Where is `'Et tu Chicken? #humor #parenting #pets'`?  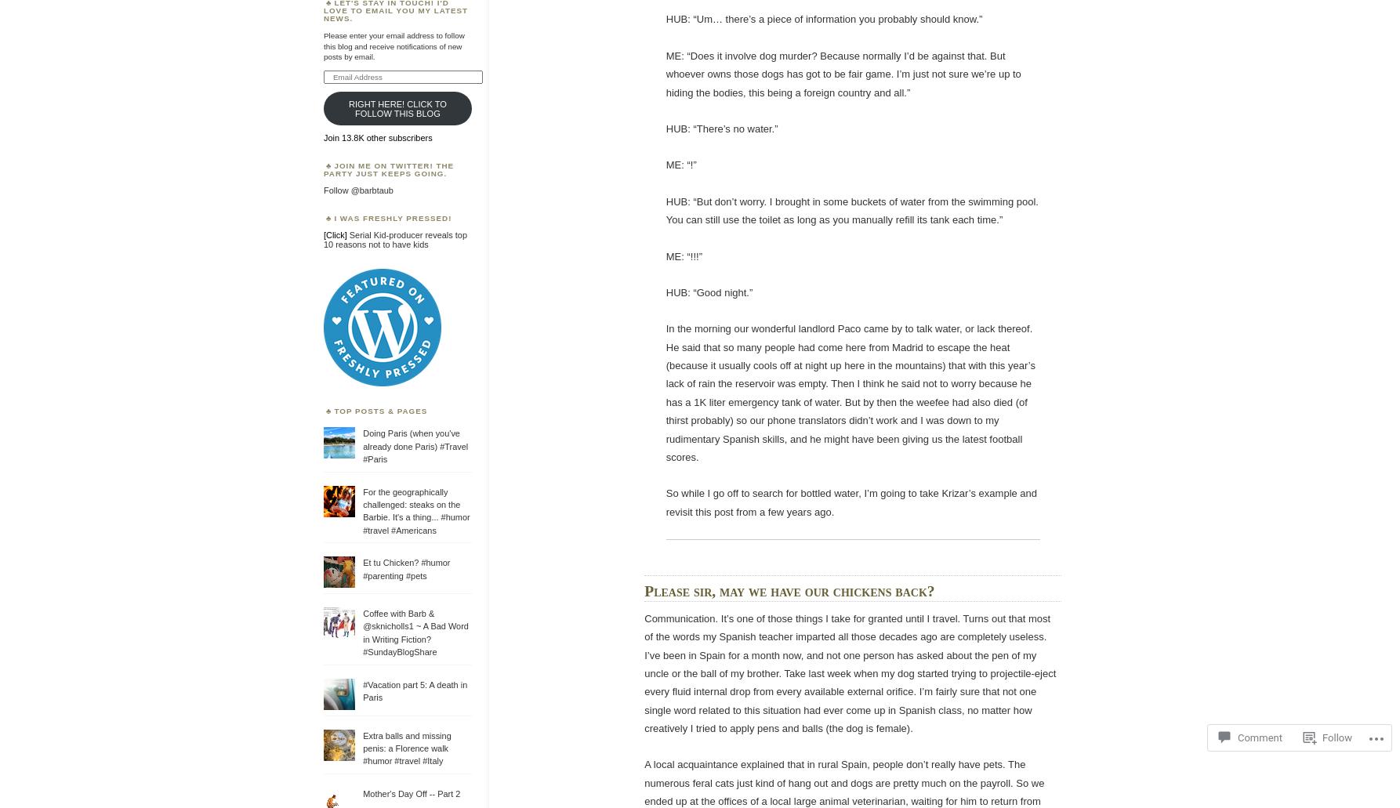 'Et tu Chicken? #humor #parenting #pets' is located at coordinates (361, 568).